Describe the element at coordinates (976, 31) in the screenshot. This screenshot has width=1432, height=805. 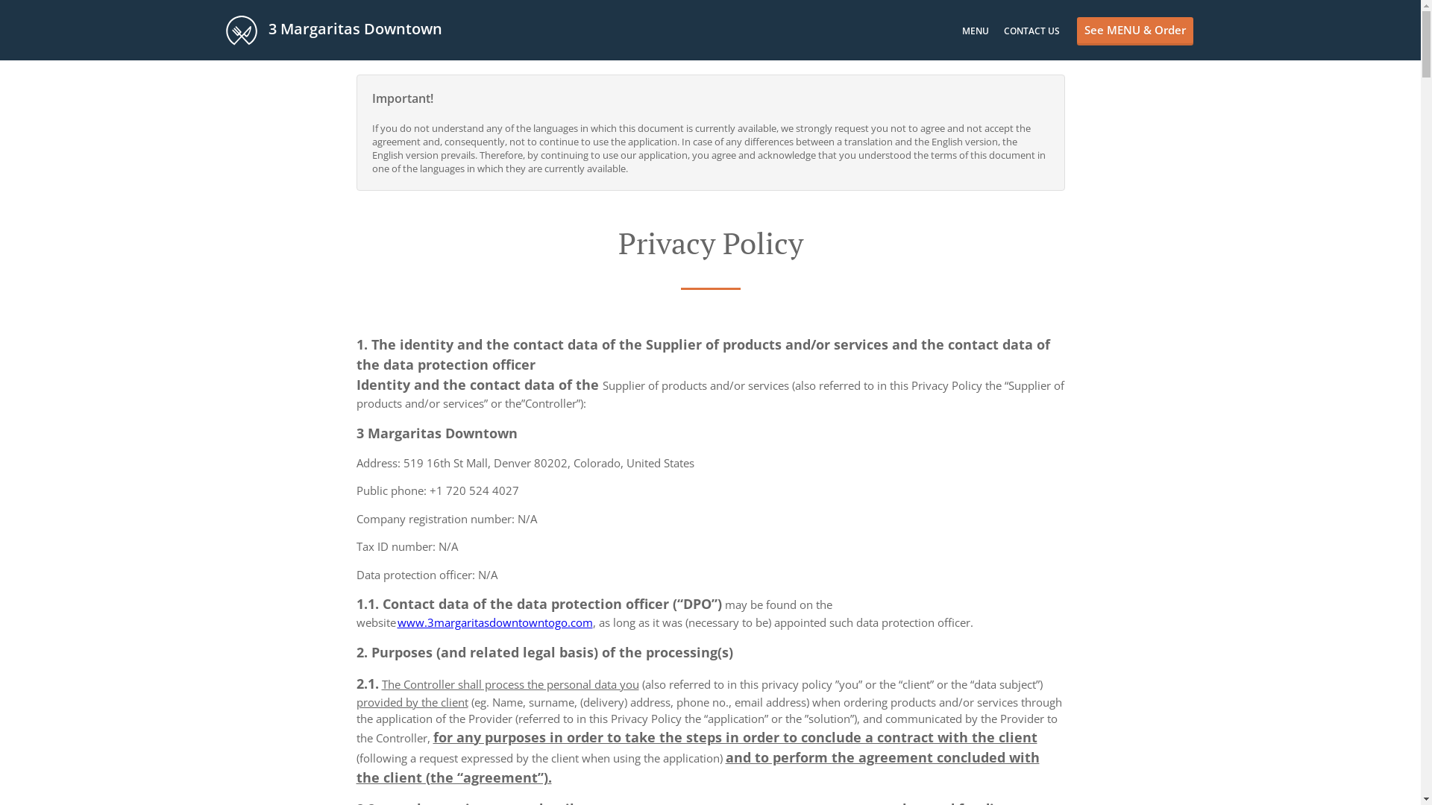
I see `'MENU'` at that location.